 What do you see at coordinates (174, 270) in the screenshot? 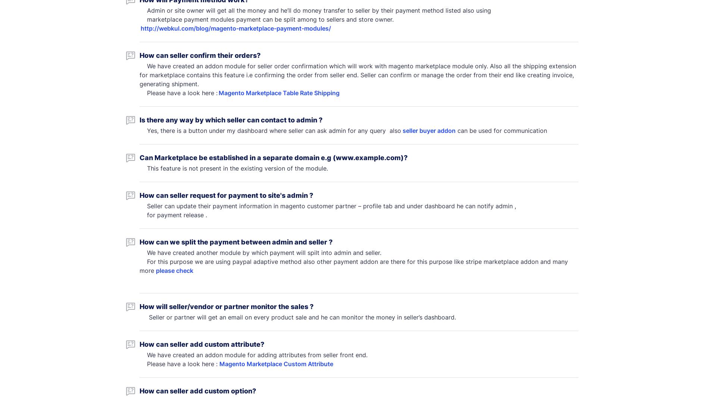
I see `'please check'` at bounding box center [174, 270].